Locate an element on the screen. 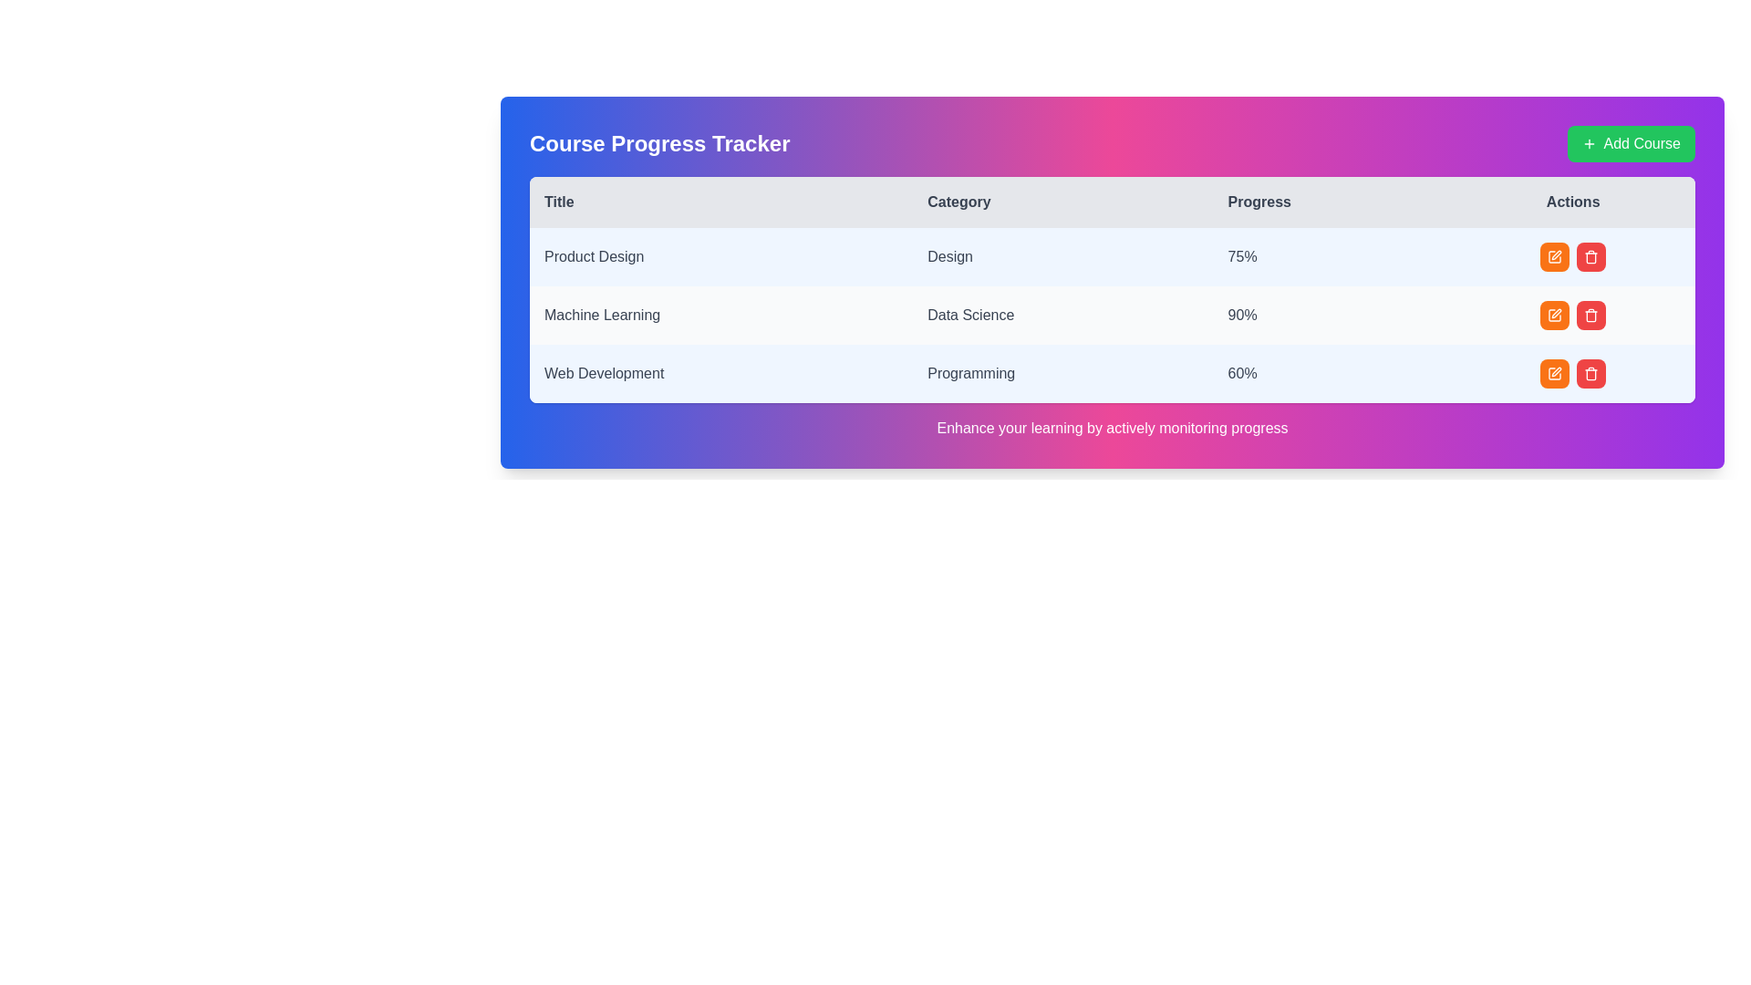  the icon with a plus sign, which is styled with a green borderless background and is positioned inside the 'Add Course' button, to the left of the button's text is located at coordinates (1588, 143).